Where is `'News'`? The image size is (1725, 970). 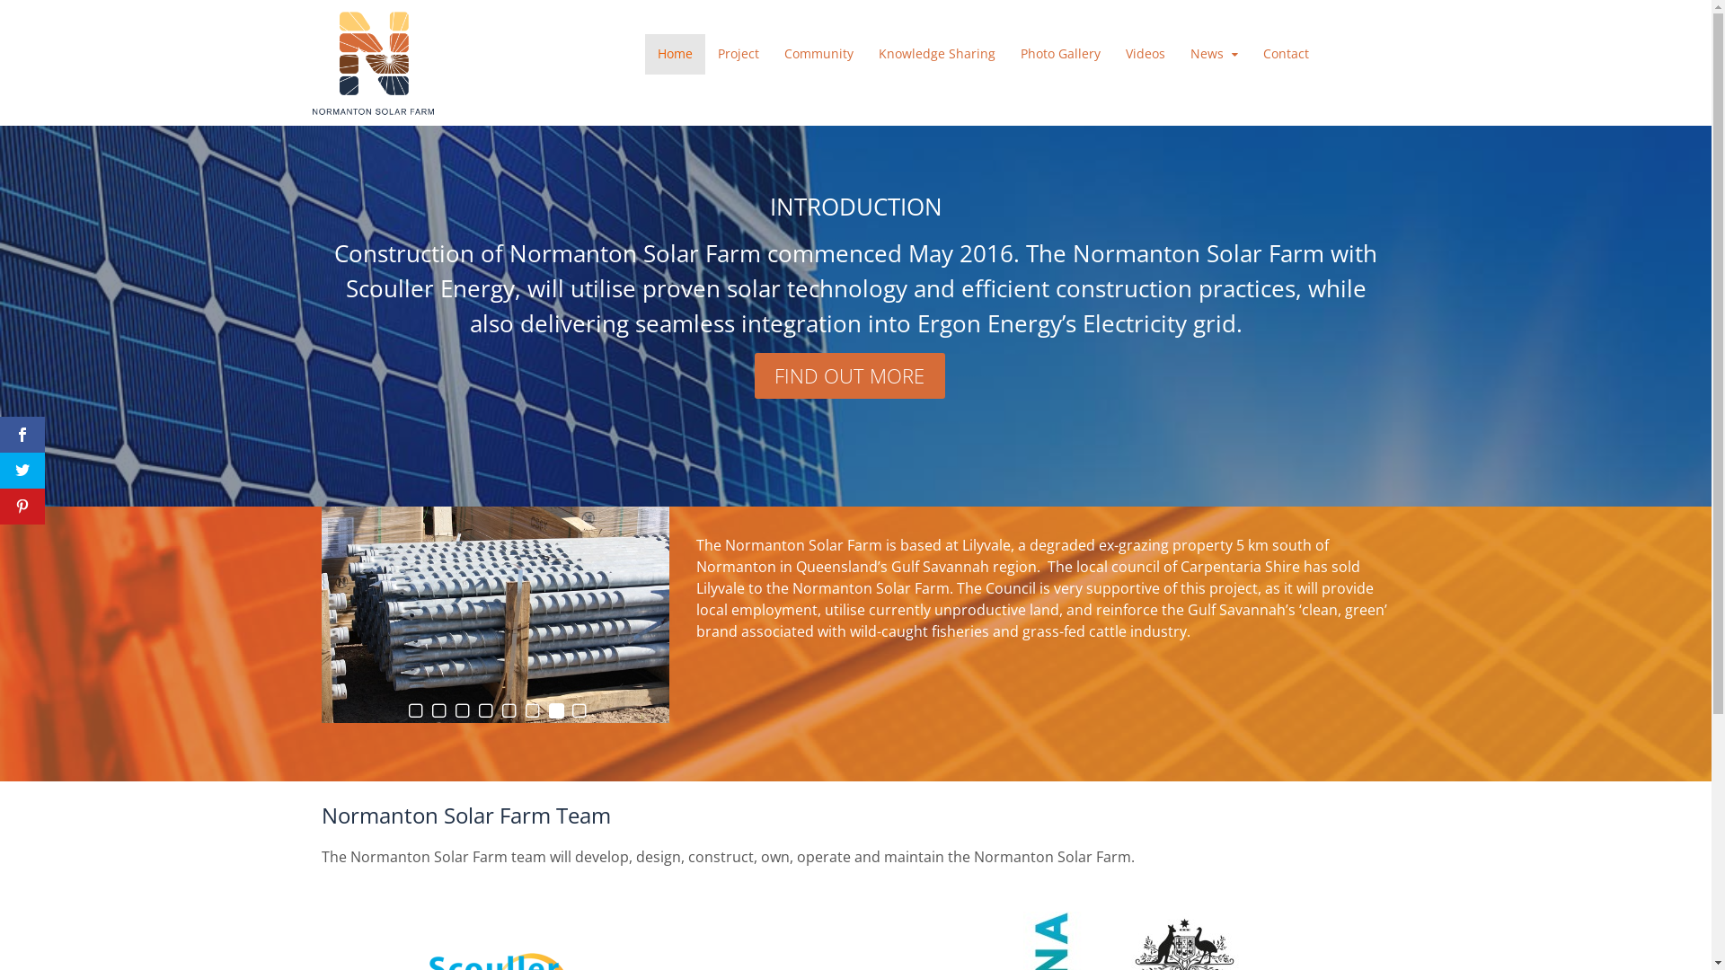 'News' is located at coordinates (1215, 53).